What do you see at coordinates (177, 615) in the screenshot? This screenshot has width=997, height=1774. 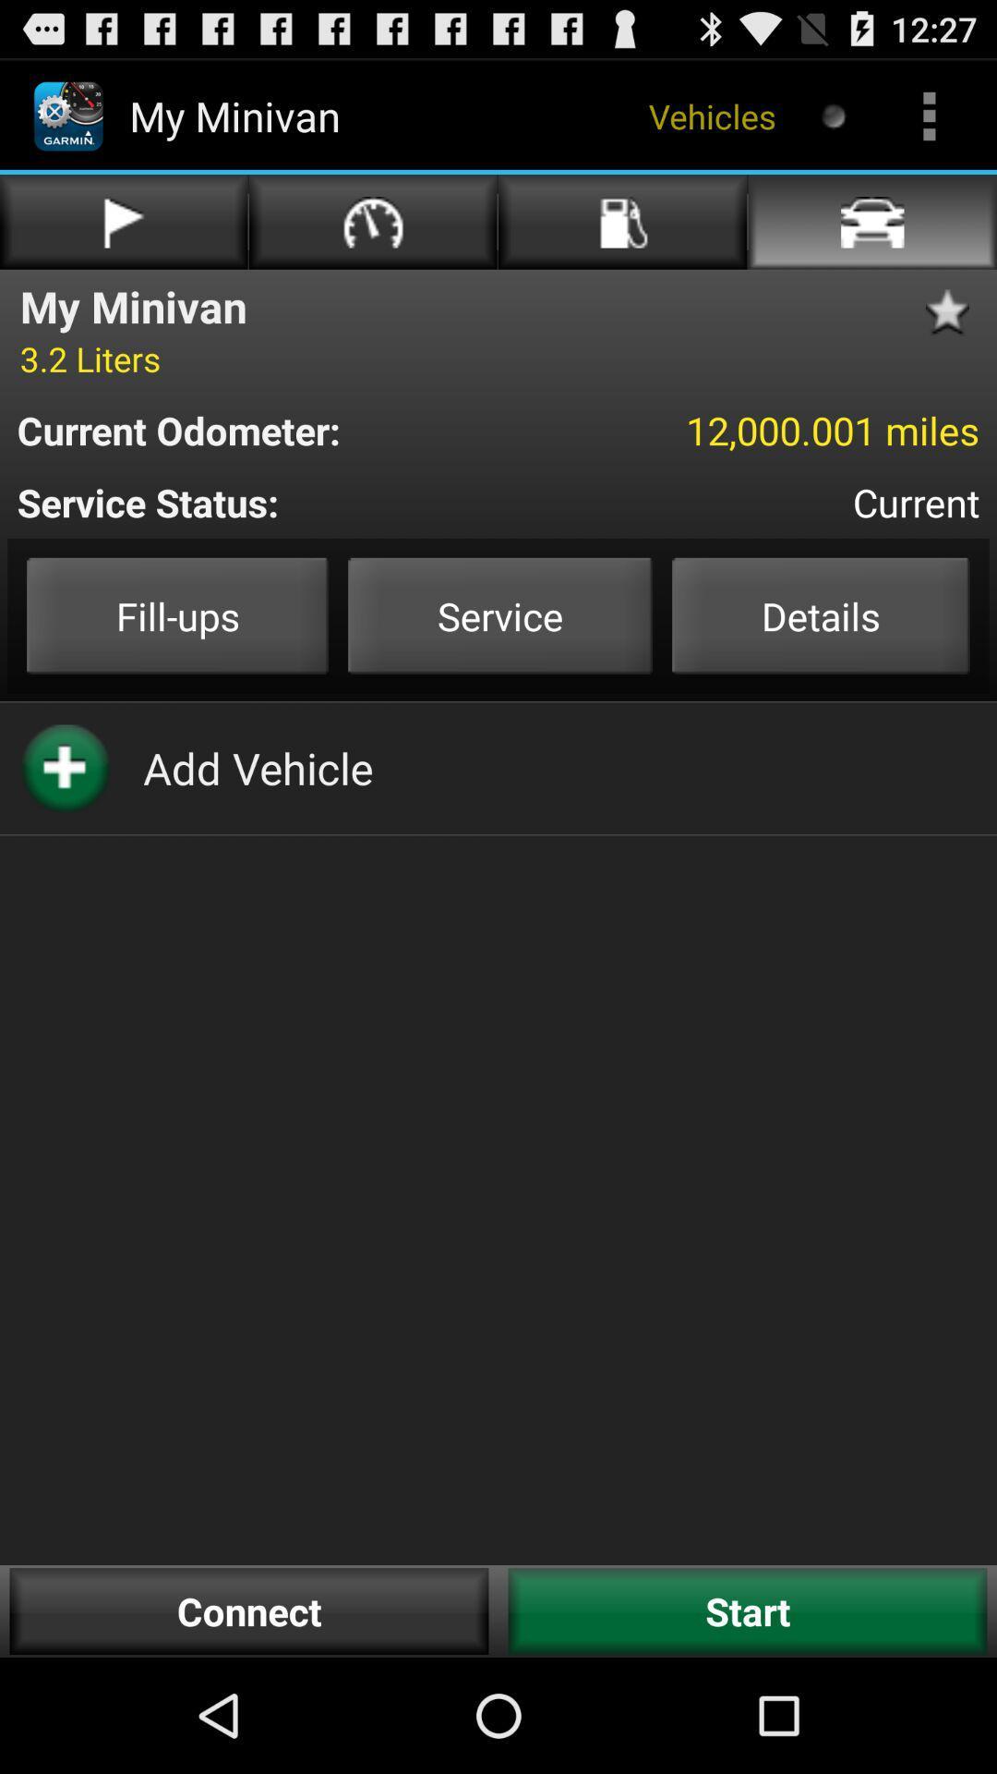 I see `the fill-ups icon` at bounding box center [177, 615].